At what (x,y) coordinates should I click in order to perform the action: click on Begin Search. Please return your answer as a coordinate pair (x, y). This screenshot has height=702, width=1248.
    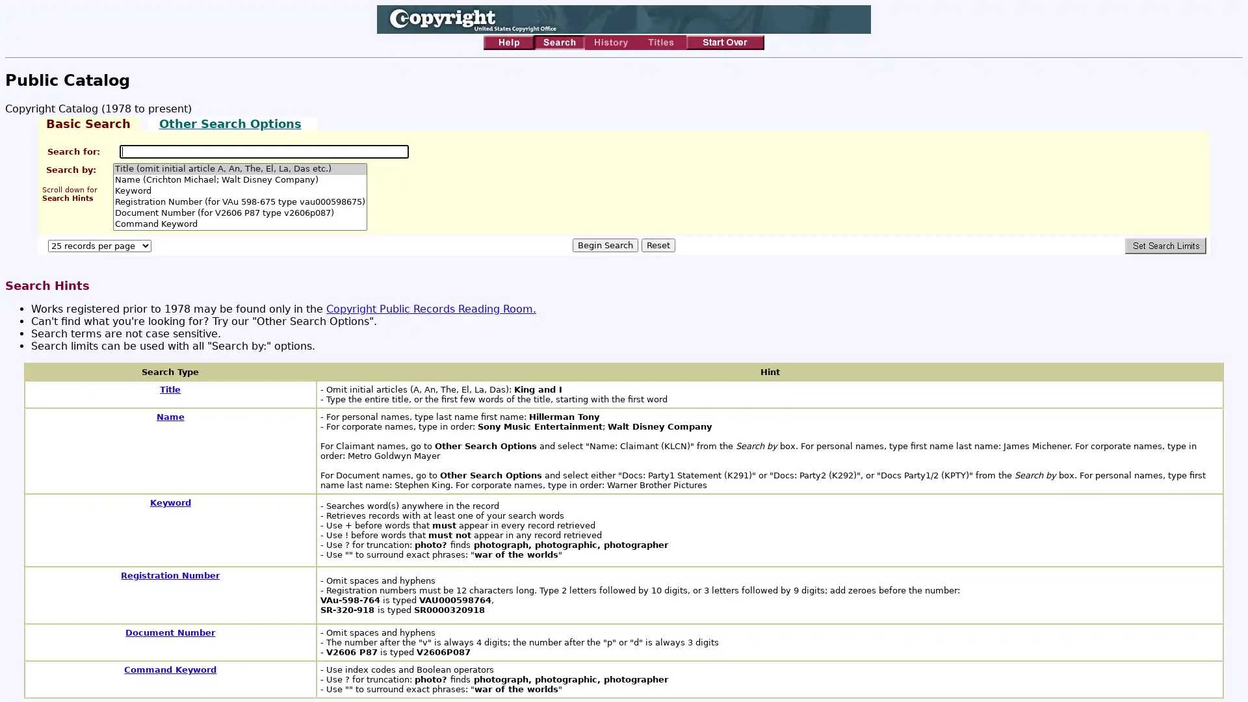
    Looking at the image, I should click on (604, 245).